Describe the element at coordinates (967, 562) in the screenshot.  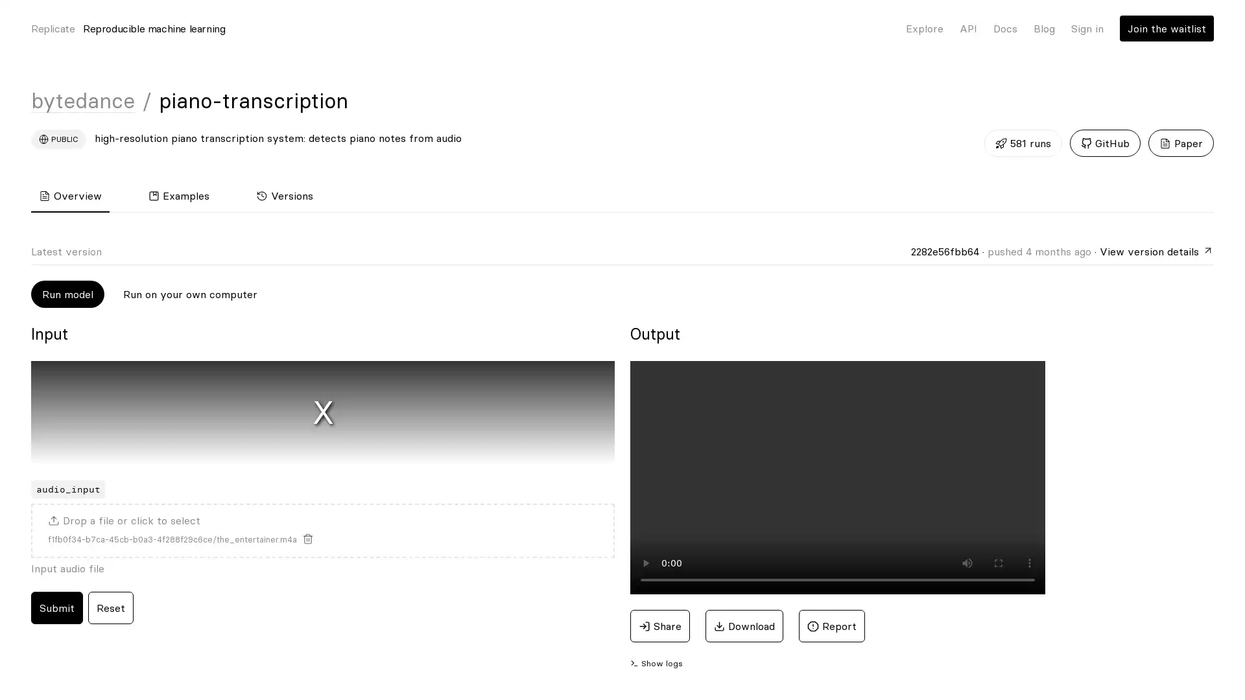
I see `mute` at that location.